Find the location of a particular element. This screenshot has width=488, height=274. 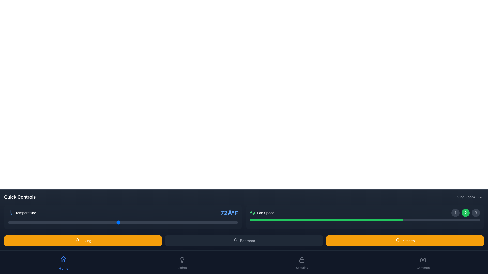

the 'Cameras' icon located centrally at the bottom section of the interface, which serves as a visual indicator for camera controls is located at coordinates (423, 260).